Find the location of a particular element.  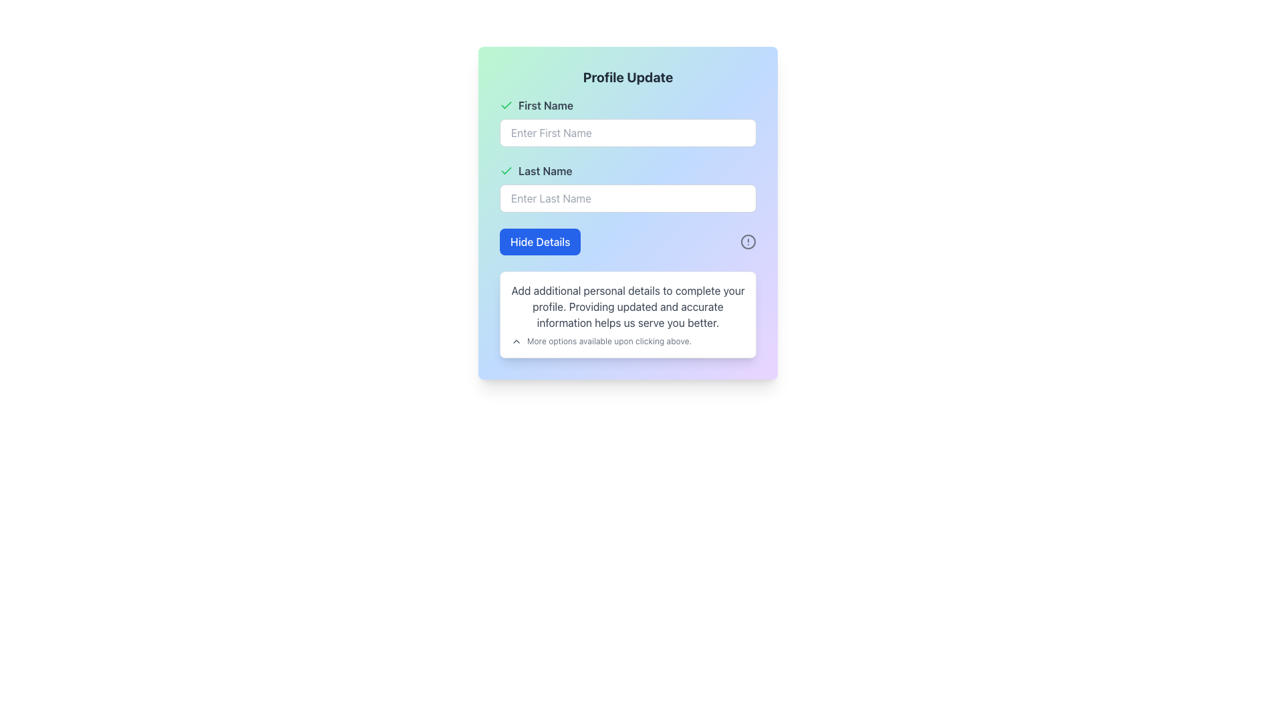

the 'Hide Details' button, which has a blue background and white text, located in the profile update section is located at coordinates (540, 242).